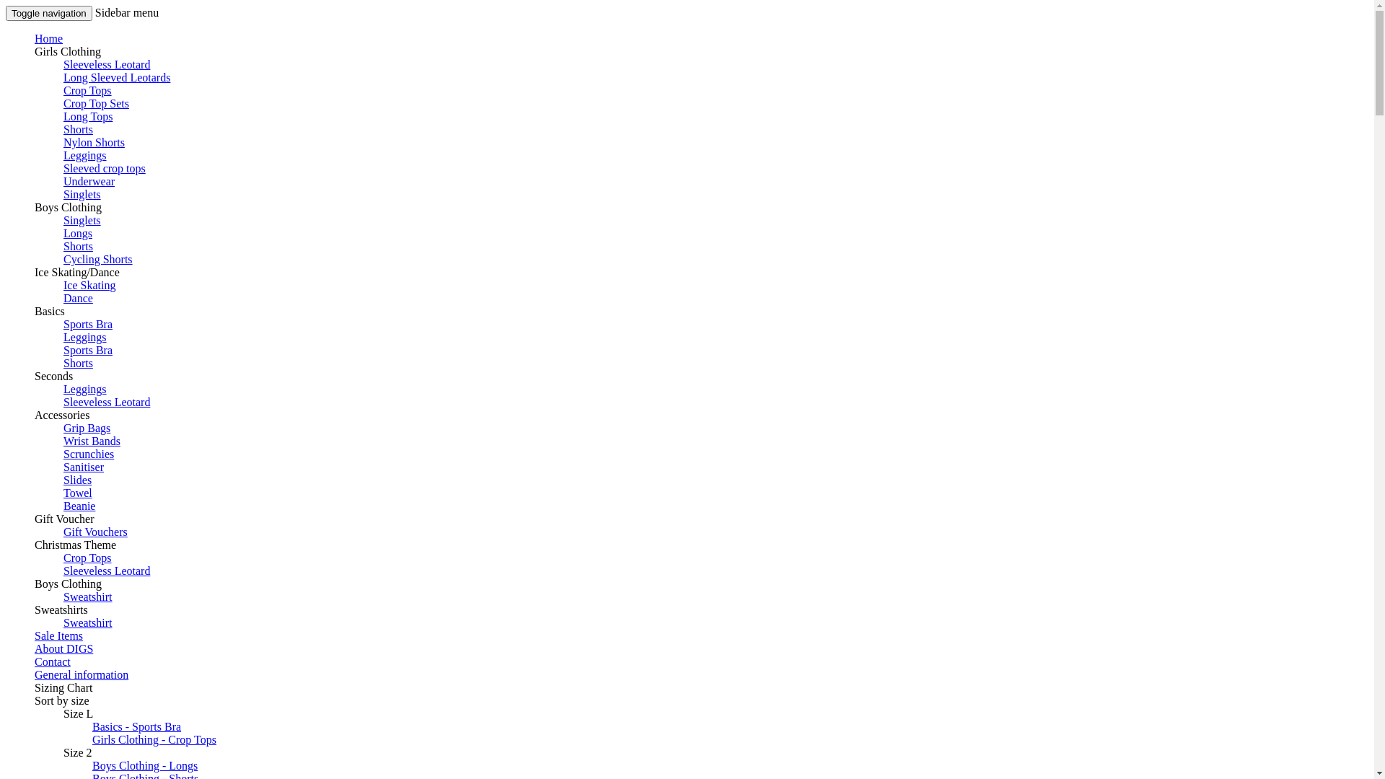 The height and width of the screenshot is (779, 1385). Describe the element at coordinates (62, 193) in the screenshot. I see `'Singlets'` at that location.